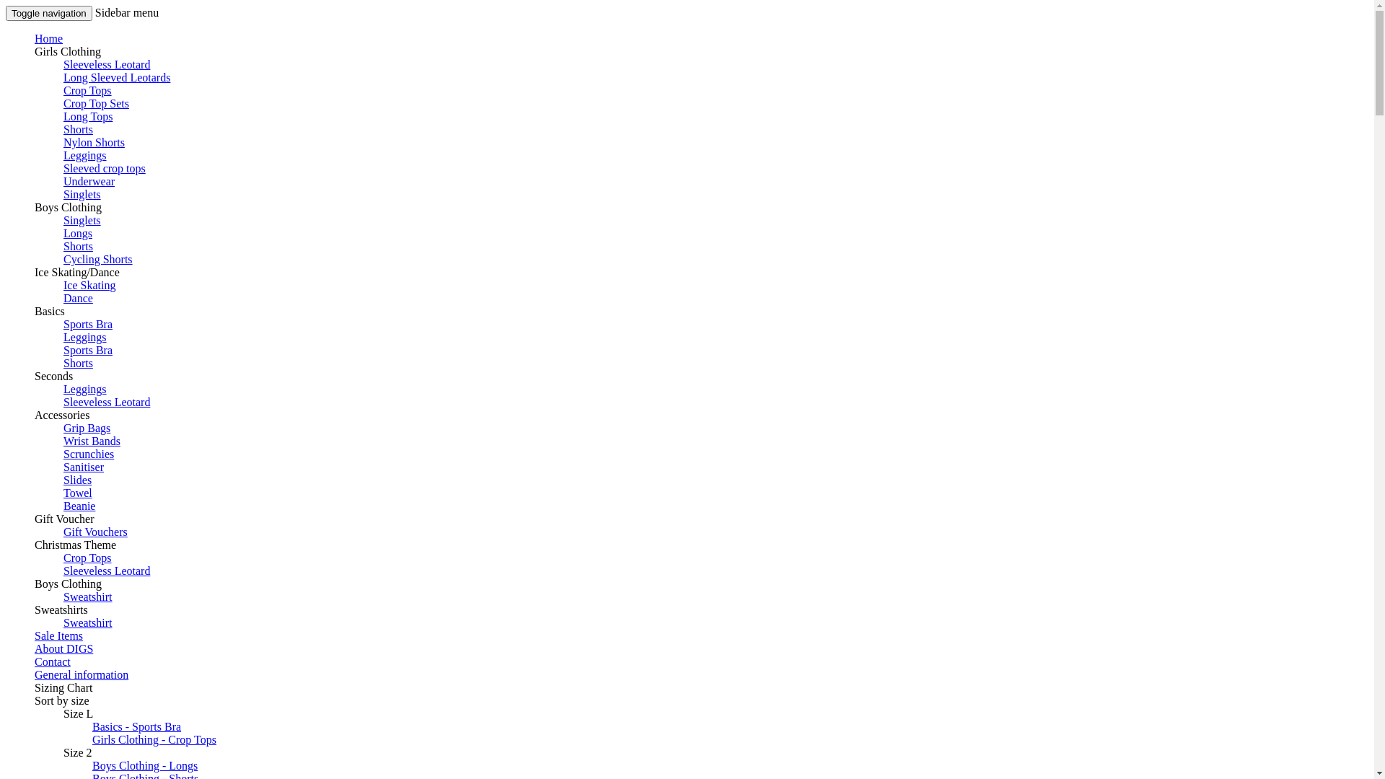 The height and width of the screenshot is (779, 1385). Describe the element at coordinates (62, 193) in the screenshot. I see `'Singlets'` at that location.